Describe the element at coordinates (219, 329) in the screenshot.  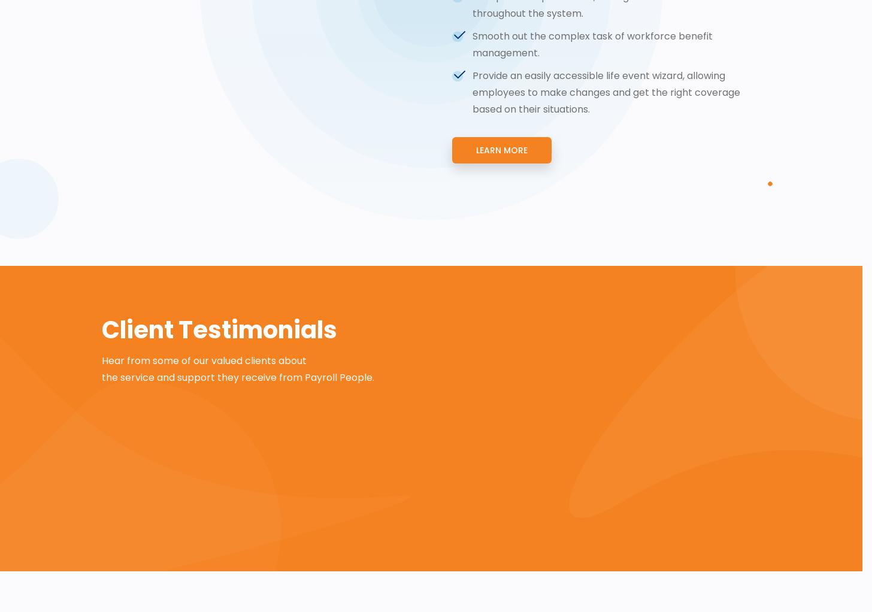
I see `'Client Testimonials'` at that location.